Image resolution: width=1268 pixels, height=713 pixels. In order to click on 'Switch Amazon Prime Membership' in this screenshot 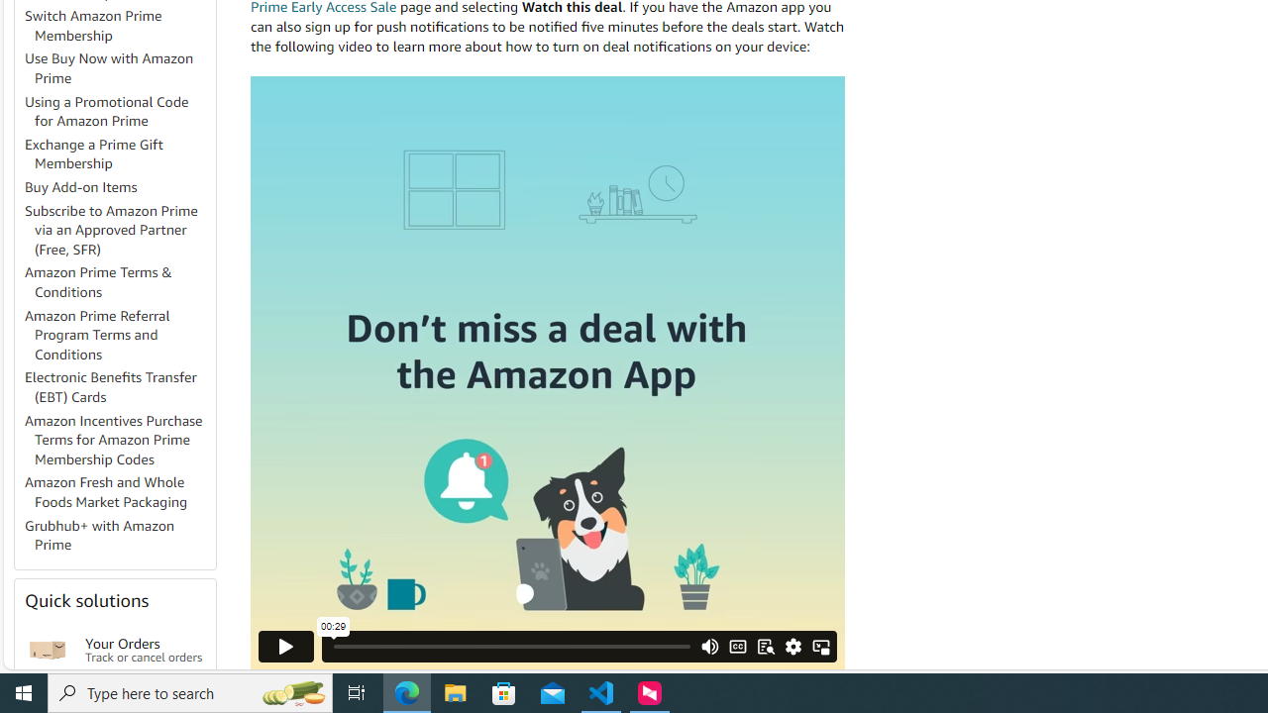, I will do `click(92, 25)`.